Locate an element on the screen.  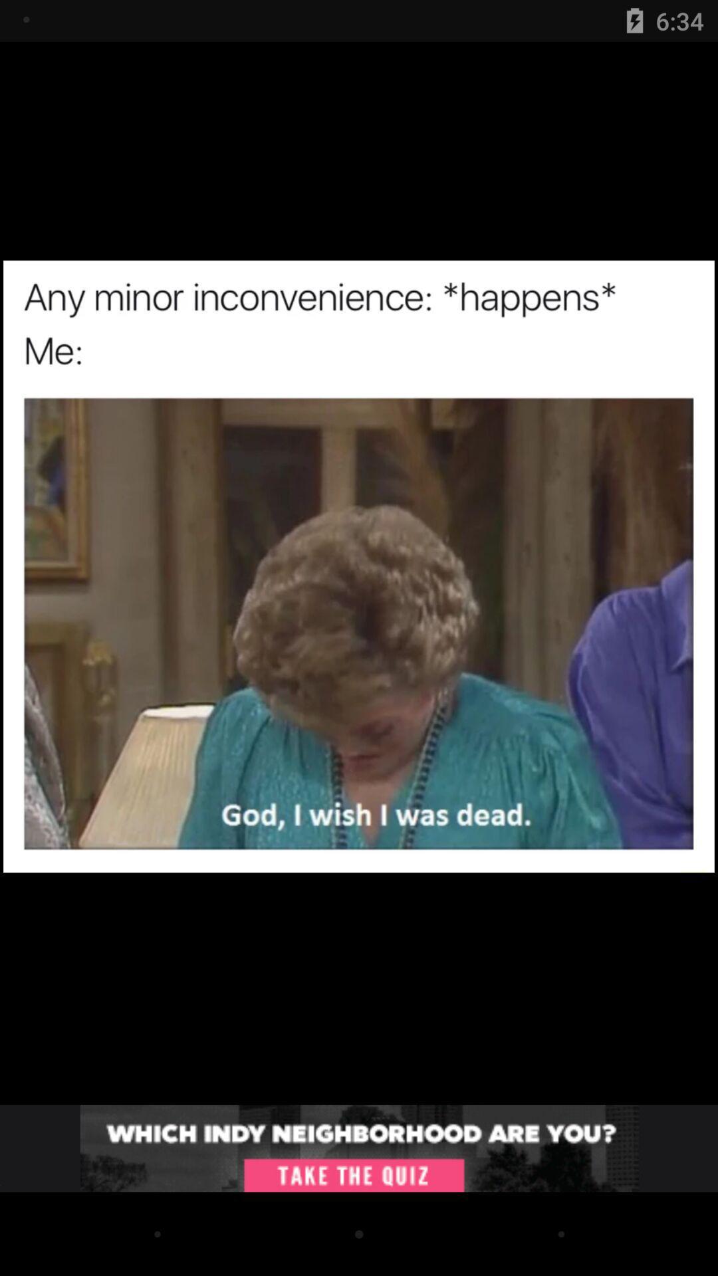
open page is located at coordinates (359, 1148).